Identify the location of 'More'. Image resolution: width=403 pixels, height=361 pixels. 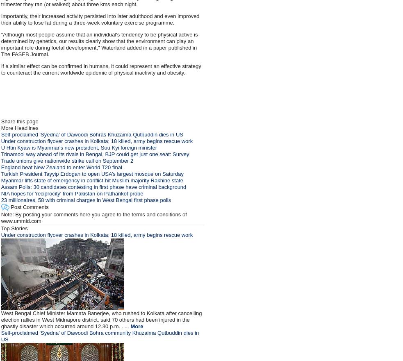
(130, 326).